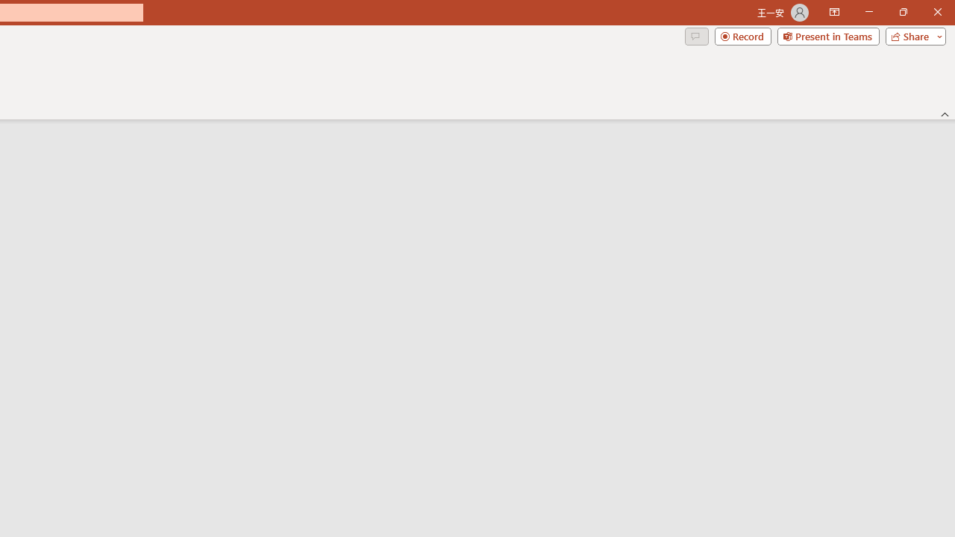 This screenshot has width=955, height=537. I want to click on 'Ribbon Display Options', so click(833, 12).